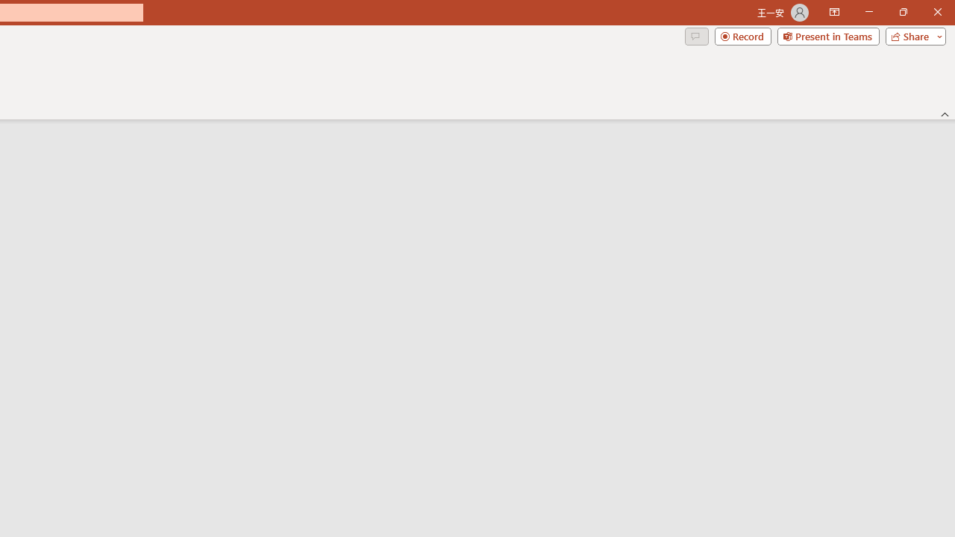 This screenshot has width=955, height=537. I want to click on 'Ribbon Display Options', so click(833, 12).